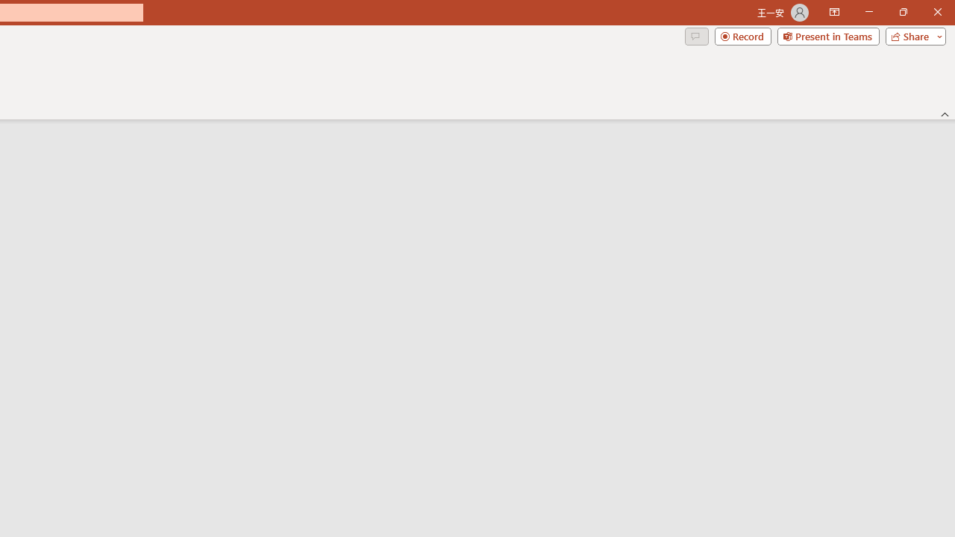 This screenshot has width=955, height=537. I want to click on 'Ribbon Display Options', so click(833, 12).